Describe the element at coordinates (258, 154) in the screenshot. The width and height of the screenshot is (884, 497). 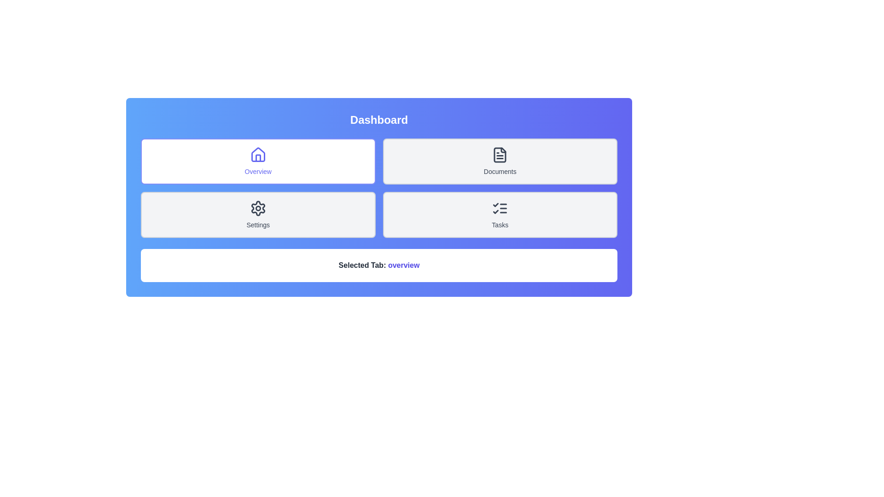
I see `the stylized house icon located in the top-left section of the dashboard interface` at that location.